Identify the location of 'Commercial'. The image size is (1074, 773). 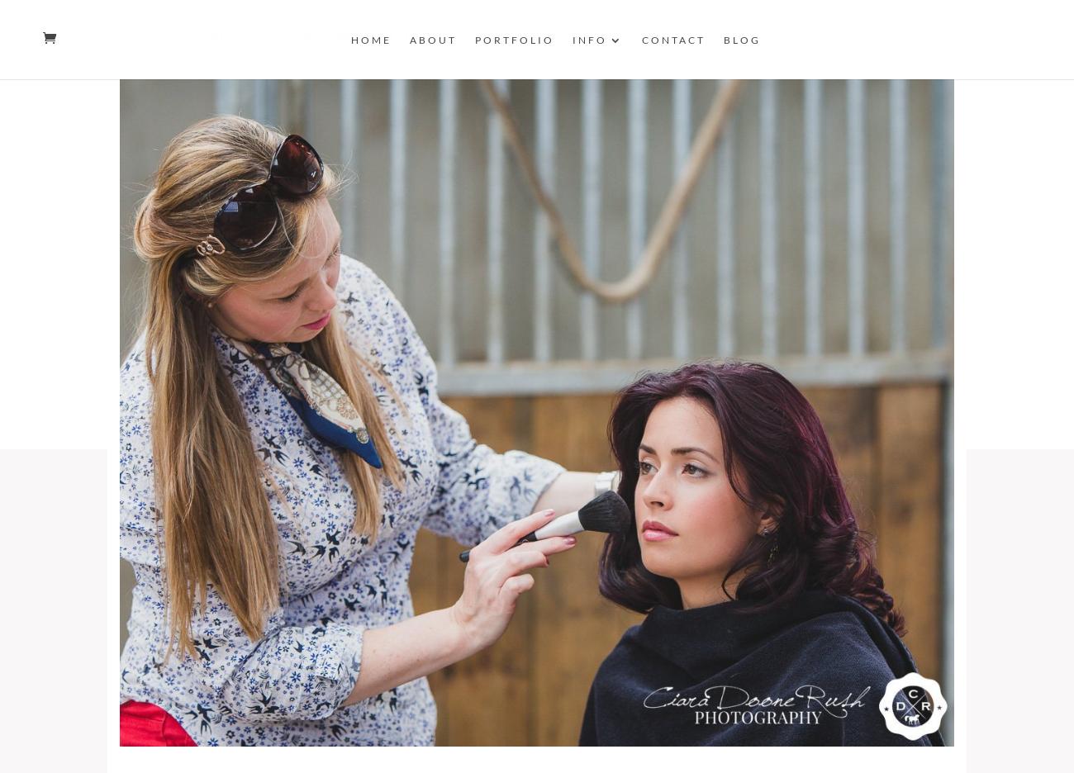
(650, 246).